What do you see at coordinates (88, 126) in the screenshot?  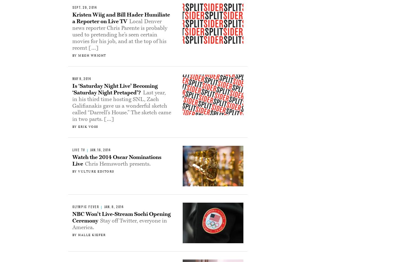 I see `'Erik Voss'` at bounding box center [88, 126].